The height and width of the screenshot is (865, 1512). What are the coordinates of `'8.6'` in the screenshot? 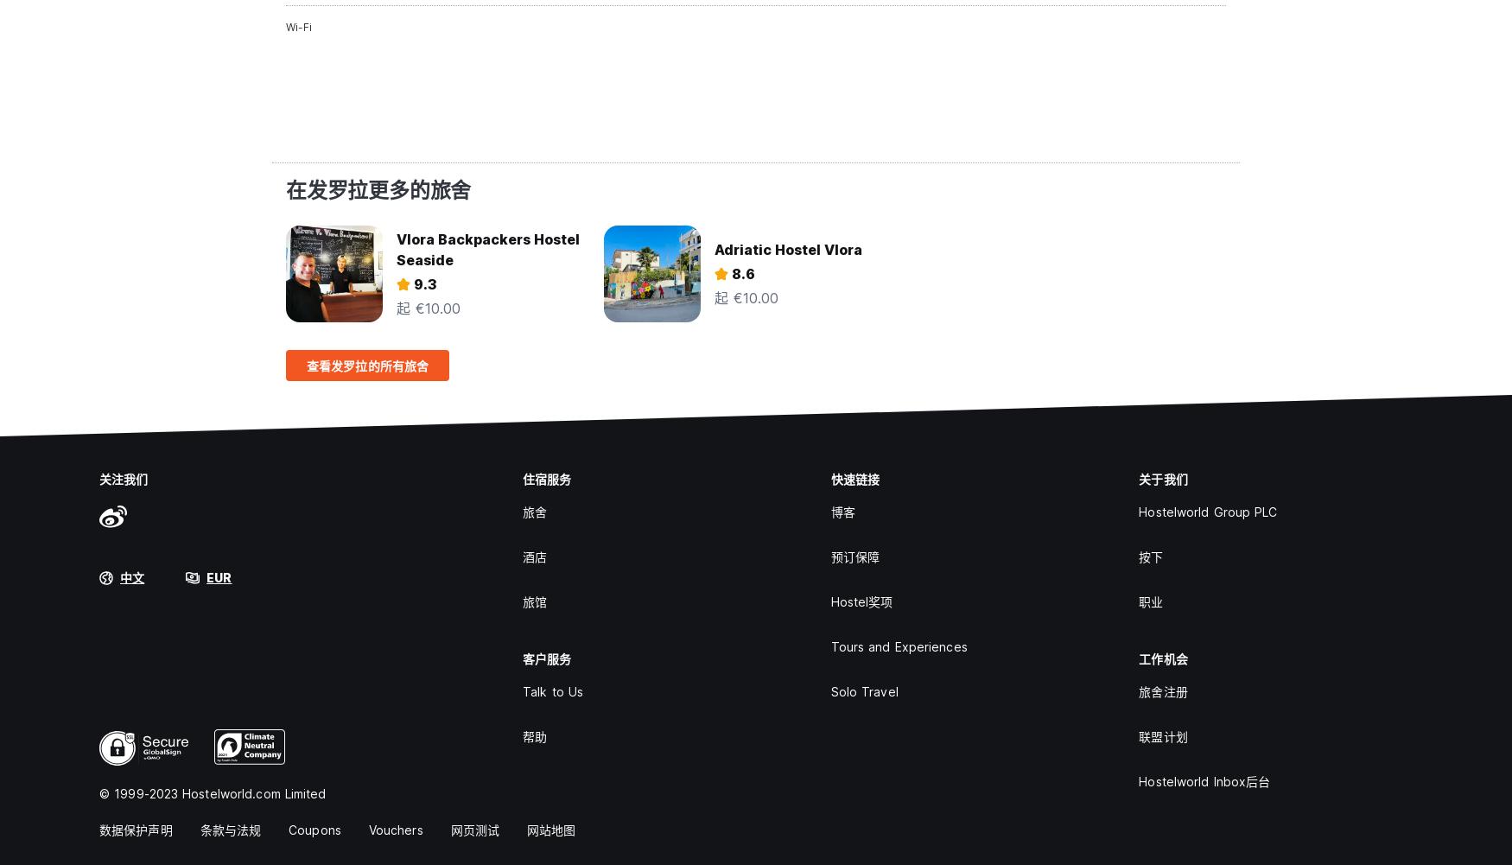 It's located at (743, 274).